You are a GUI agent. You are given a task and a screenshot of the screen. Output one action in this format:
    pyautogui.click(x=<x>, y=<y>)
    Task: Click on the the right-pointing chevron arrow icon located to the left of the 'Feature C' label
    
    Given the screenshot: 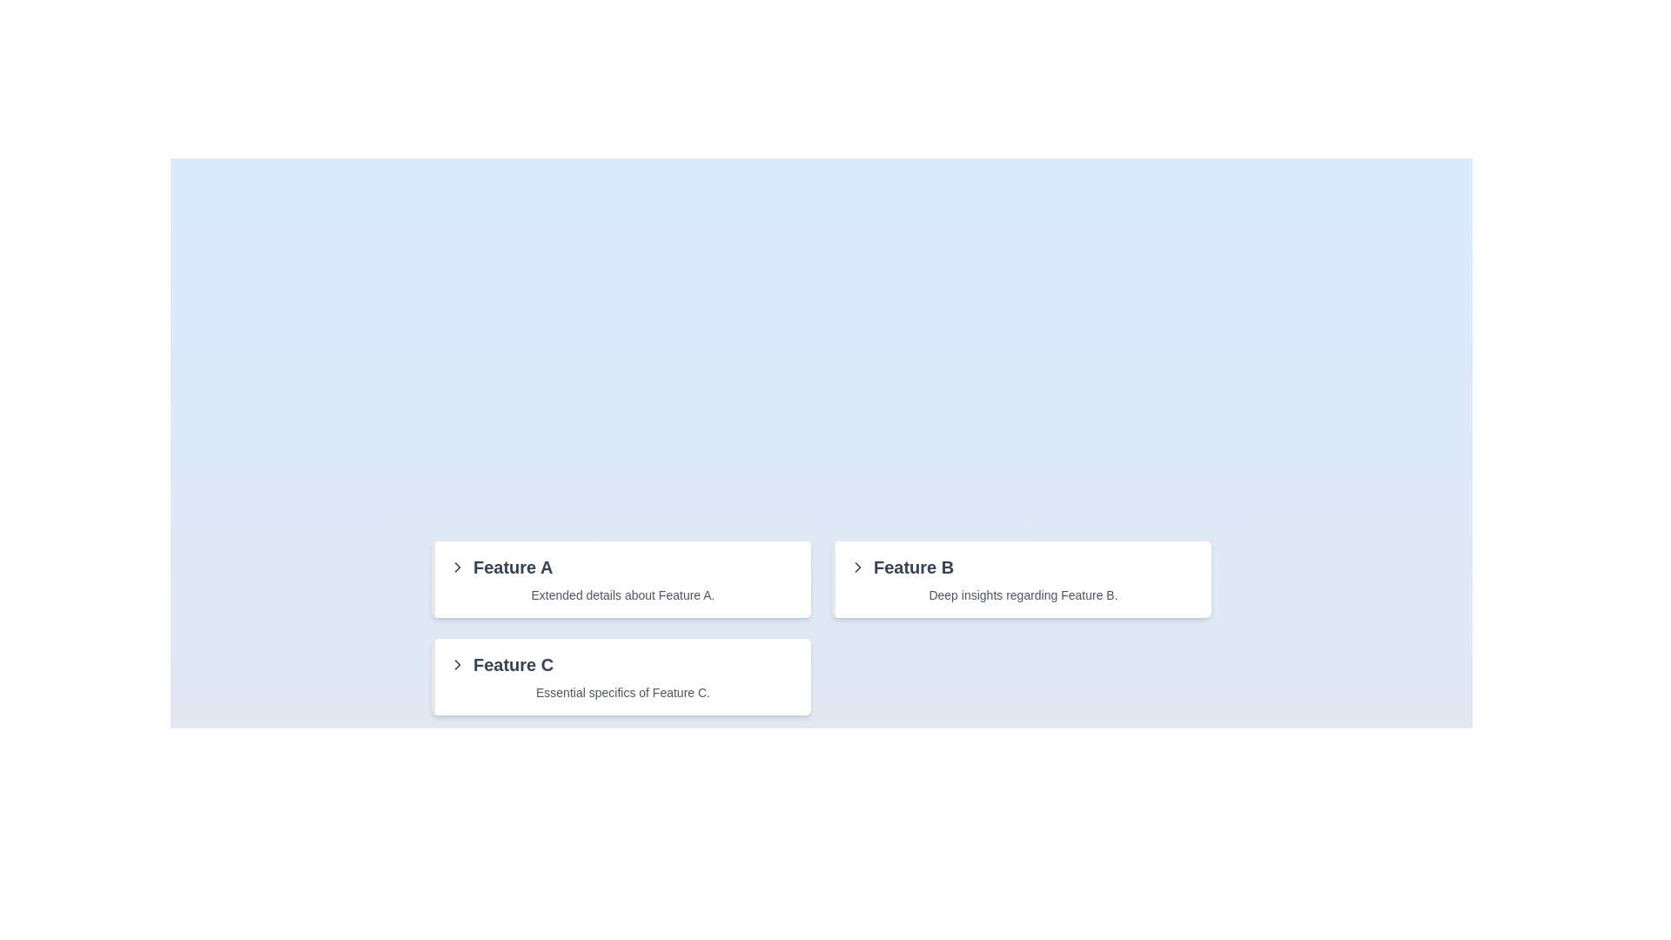 What is the action you would take?
    pyautogui.click(x=458, y=664)
    